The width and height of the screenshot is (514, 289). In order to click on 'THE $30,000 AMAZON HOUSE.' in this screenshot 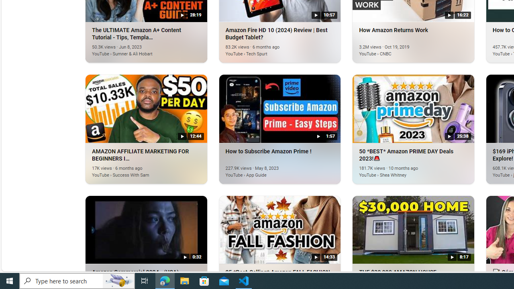, I will do `click(413, 229)`.